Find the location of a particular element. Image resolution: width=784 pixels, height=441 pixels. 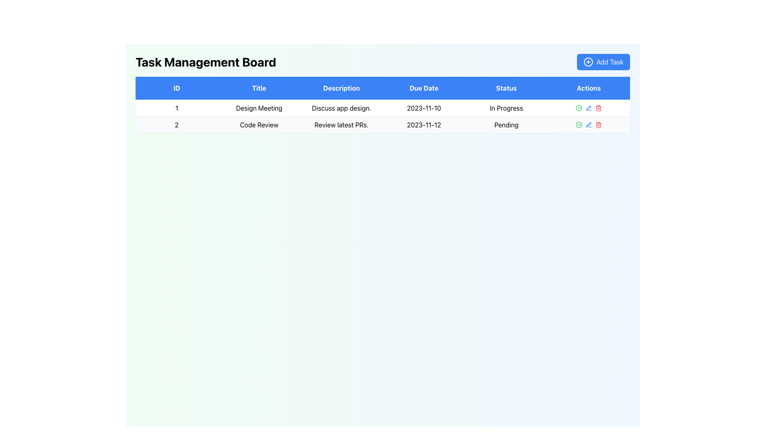

the text label displaying 'Pending' in black, located in the second row of the status column in the task management interface is located at coordinates (506, 125).